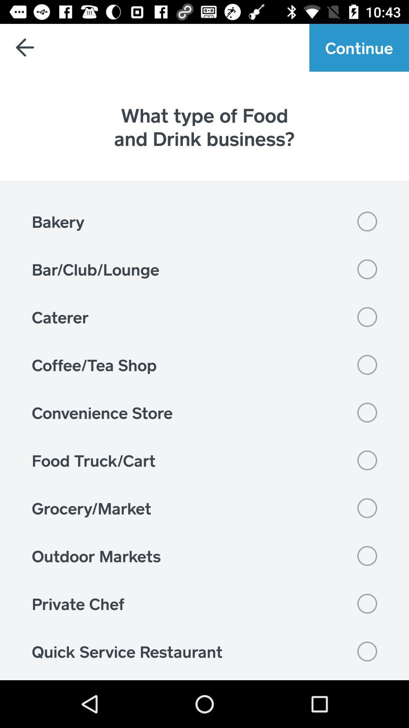  I want to click on the food truck/cart, so click(204, 460).